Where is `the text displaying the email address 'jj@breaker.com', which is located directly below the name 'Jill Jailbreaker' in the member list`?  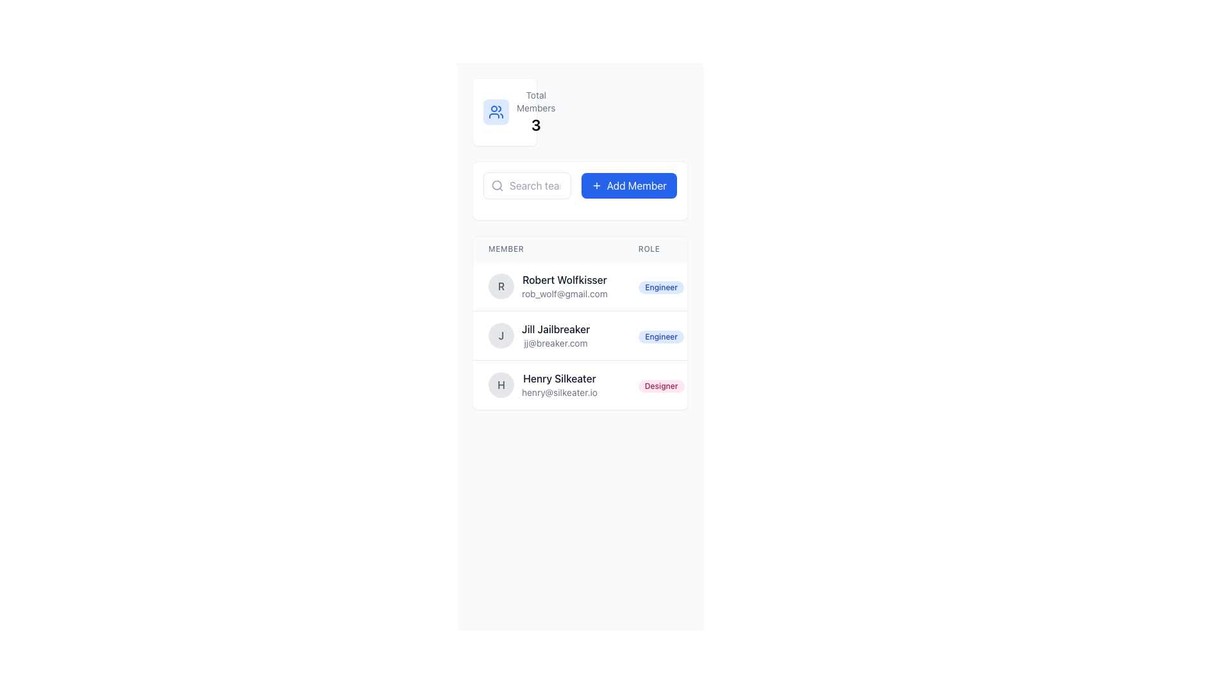 the text displaying the email address 'jj@breaker.com', which is located directly below the name 'Jill Jailbreaker' in the member list is located at coordinates (556, 343).